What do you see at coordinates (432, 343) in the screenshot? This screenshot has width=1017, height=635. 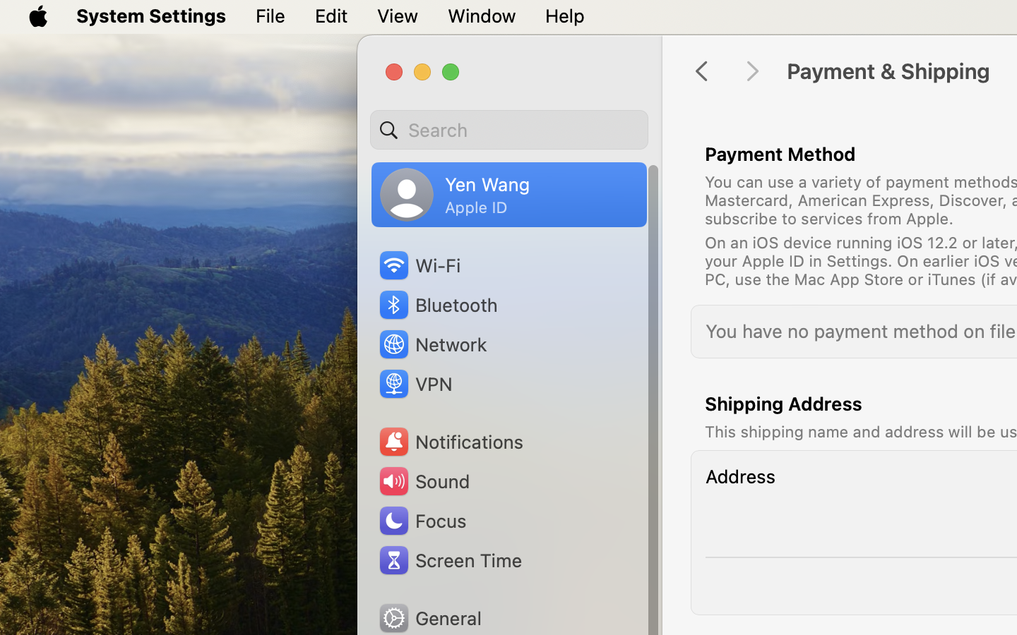 I see `'Network'` at bounding box center [432, 343].